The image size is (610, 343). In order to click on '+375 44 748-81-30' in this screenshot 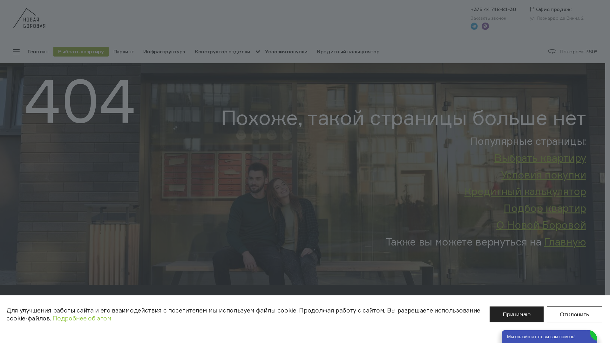, I will do `click(471, 9)`.